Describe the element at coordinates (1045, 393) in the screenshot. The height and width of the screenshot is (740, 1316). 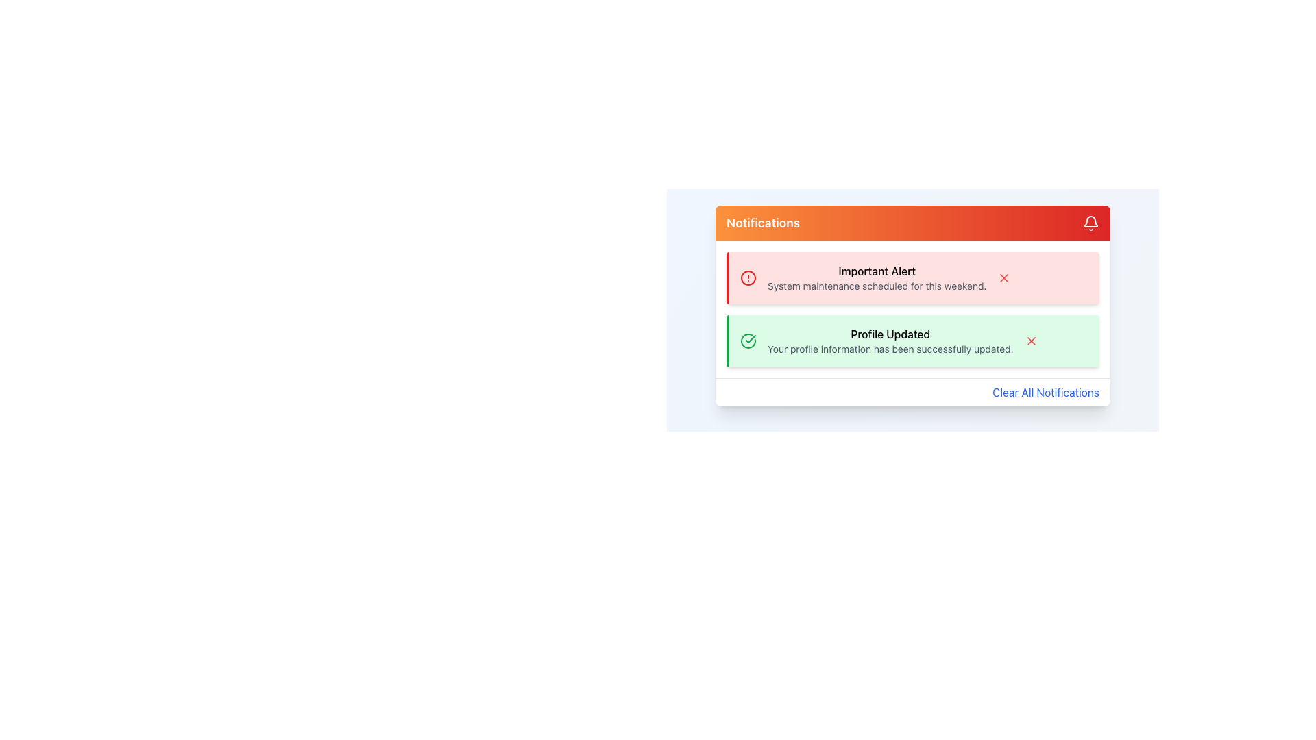
I see `the 'Clear All Notifications' button located at the bottom right of the notification panel` at that location.